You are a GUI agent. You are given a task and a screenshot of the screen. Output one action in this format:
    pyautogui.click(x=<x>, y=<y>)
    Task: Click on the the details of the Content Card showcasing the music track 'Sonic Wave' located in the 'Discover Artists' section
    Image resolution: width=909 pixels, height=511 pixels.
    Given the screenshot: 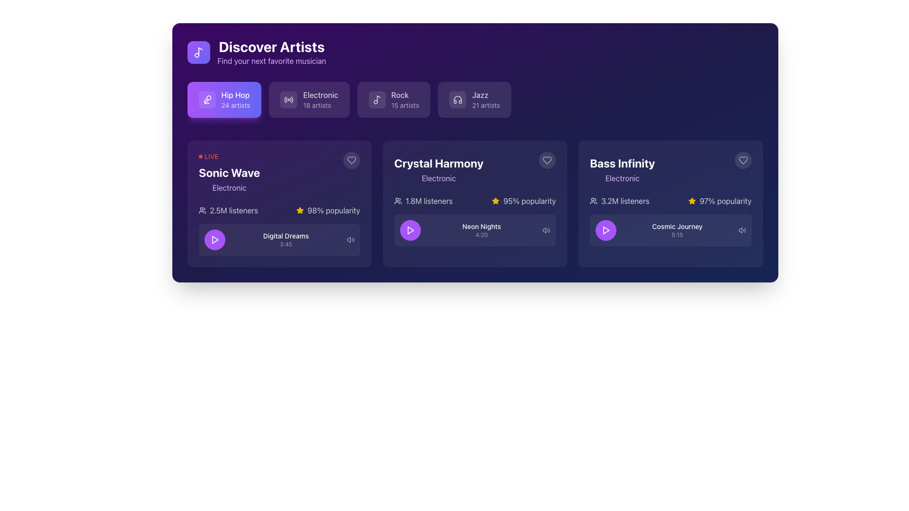 What is the action you would take?
    pyautogui.click(x=279, y=203)
    